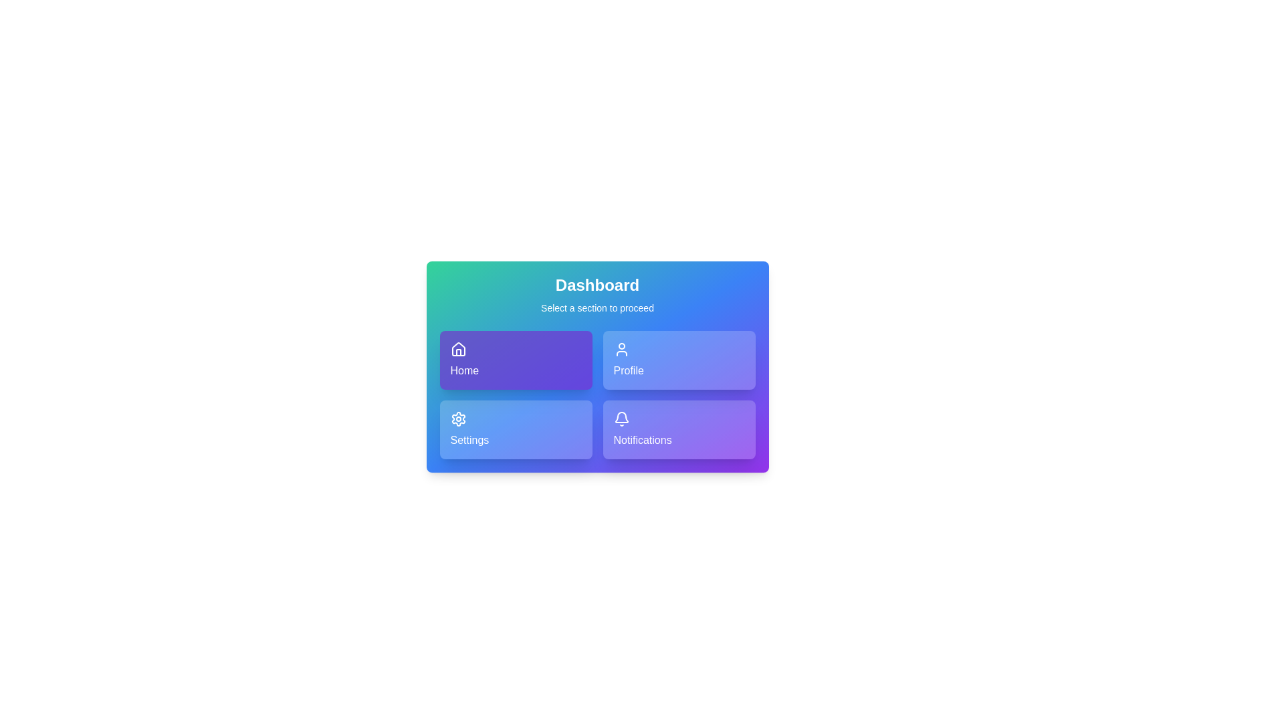 This screenshot has height=722, width=1284. Describe the element at coordinates (515, 430) in the screenshot. I see `the button corresponding to the section Settings` at that location.